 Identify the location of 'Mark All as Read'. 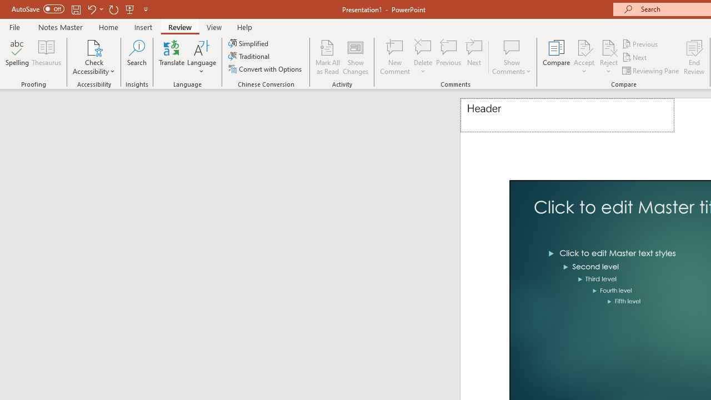
(327, 57).